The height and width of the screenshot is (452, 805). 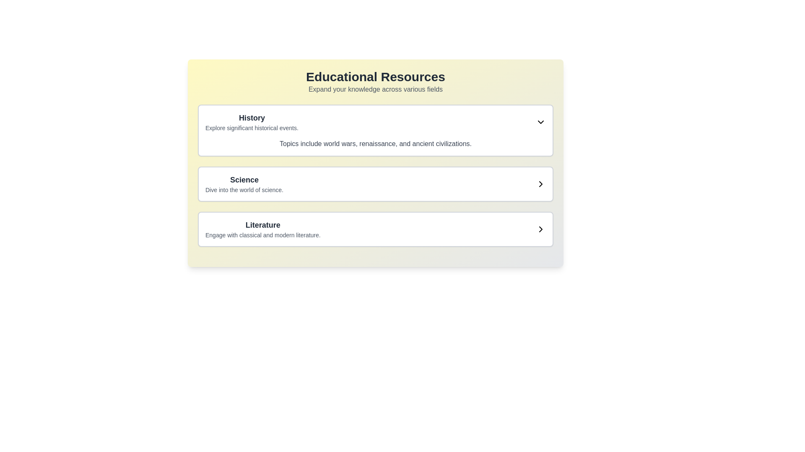 What do you see at coordinates (262, 235) in the screenshot?
I see `the static Text Label that provides descriptive information about the 'Literature' category, located below the 'Literature' title within the 'Educational Resources' section` at bounding box center [262, 235].